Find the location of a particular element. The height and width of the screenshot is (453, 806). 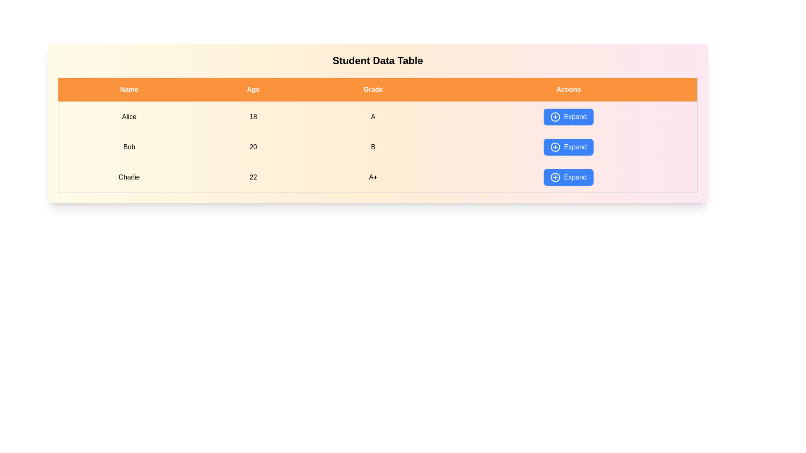

the circular icon with a plus sign inside, surrounded by a blue border, located within the 'Expand' button in the second row of the 'Actions' column for the entry about 'Bob' is located at coordinates (555, 147).